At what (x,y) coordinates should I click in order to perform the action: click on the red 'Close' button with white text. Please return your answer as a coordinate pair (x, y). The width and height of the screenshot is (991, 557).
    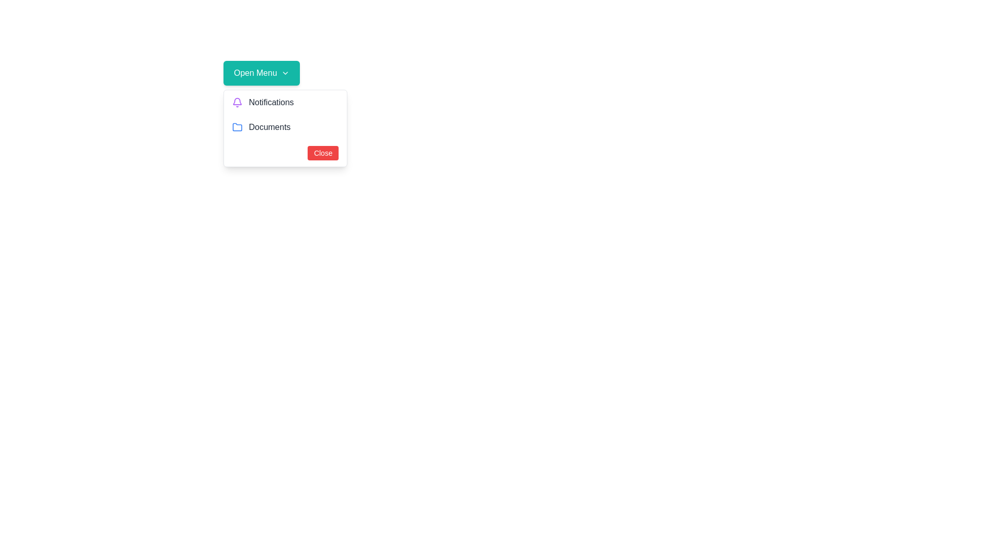
    Looking at the image, I should click on (285, 153).